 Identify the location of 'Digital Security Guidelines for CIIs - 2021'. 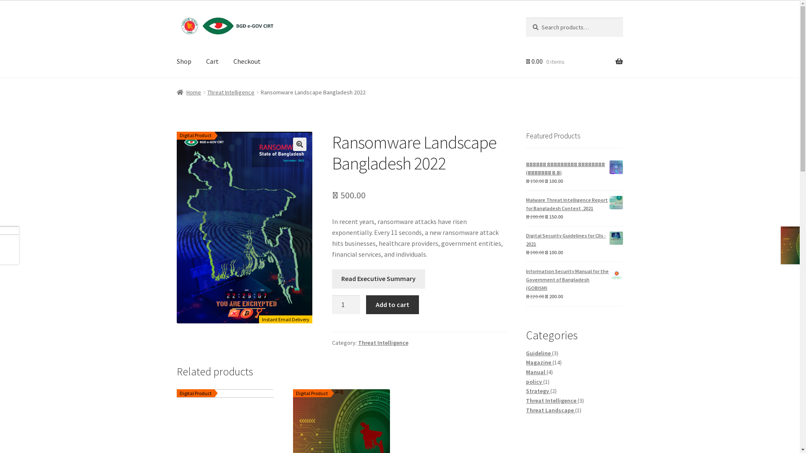
(574, 240).